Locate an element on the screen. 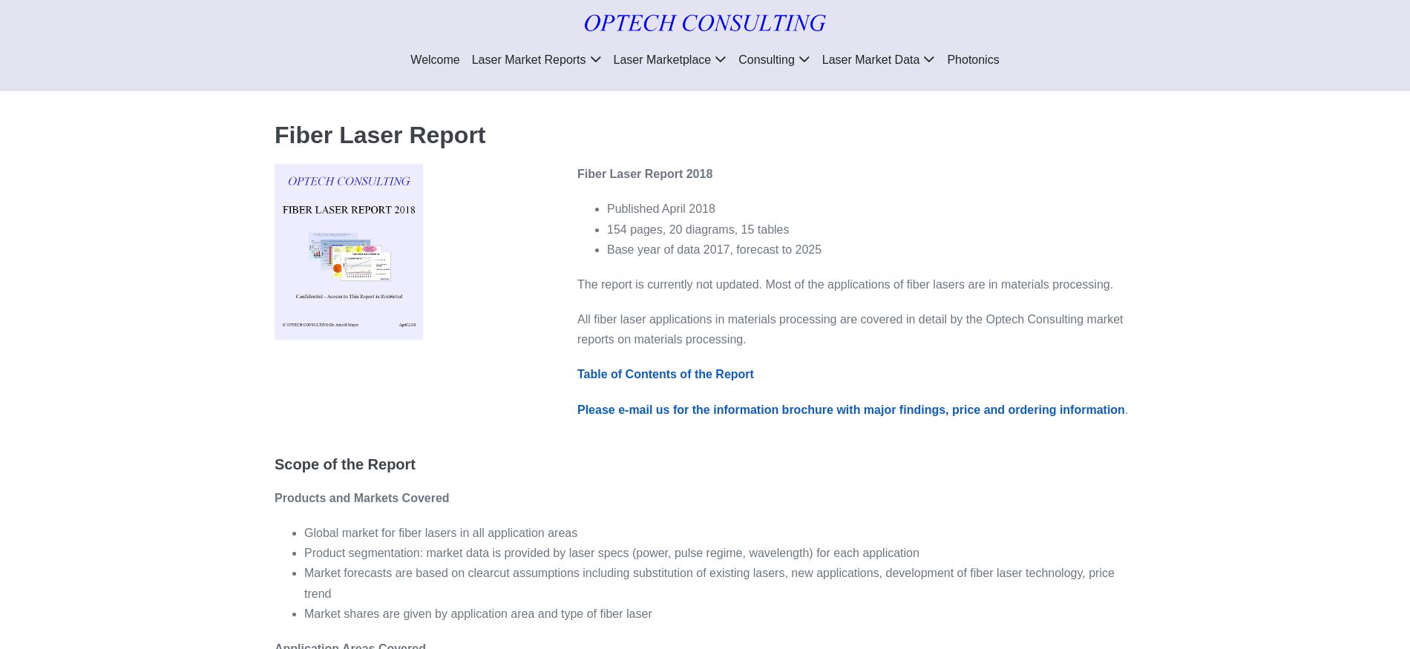  'All fiber laser applications in materials processing are covered in detail by the Optech Consulting market reports on materials processing.' is located at coordinates (577, 329).